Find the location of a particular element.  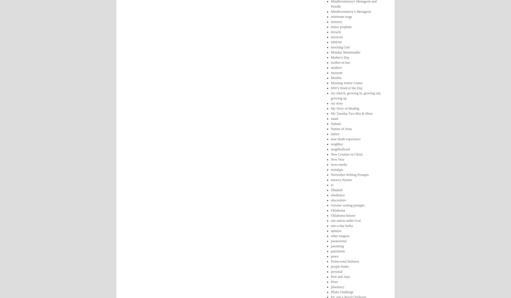

'peace' is located at coordinates (334, 256).